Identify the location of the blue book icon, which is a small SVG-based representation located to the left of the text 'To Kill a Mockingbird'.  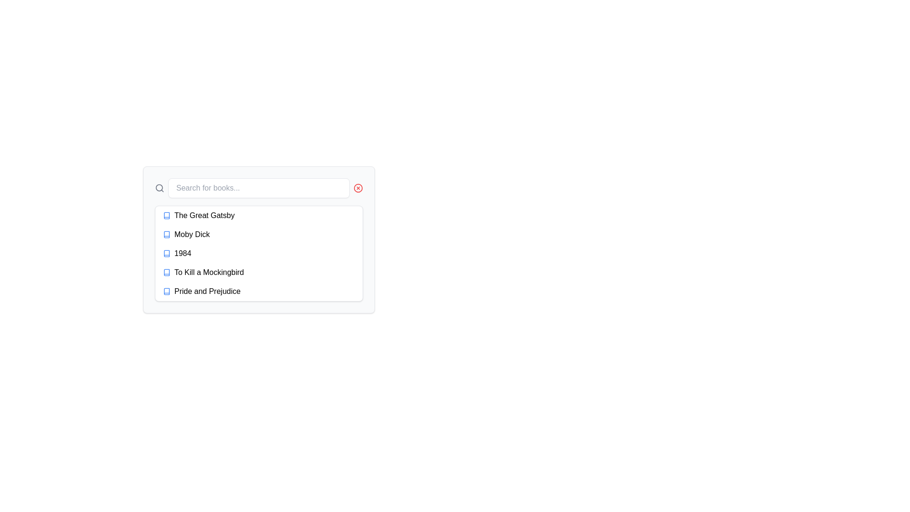
(166, 272).